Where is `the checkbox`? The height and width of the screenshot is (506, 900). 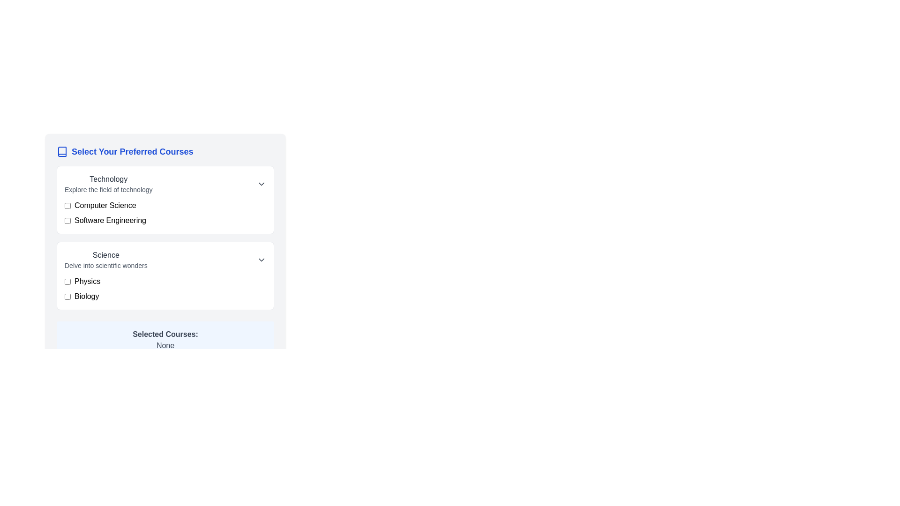
the checkbox is located at coordinates (165, 205).